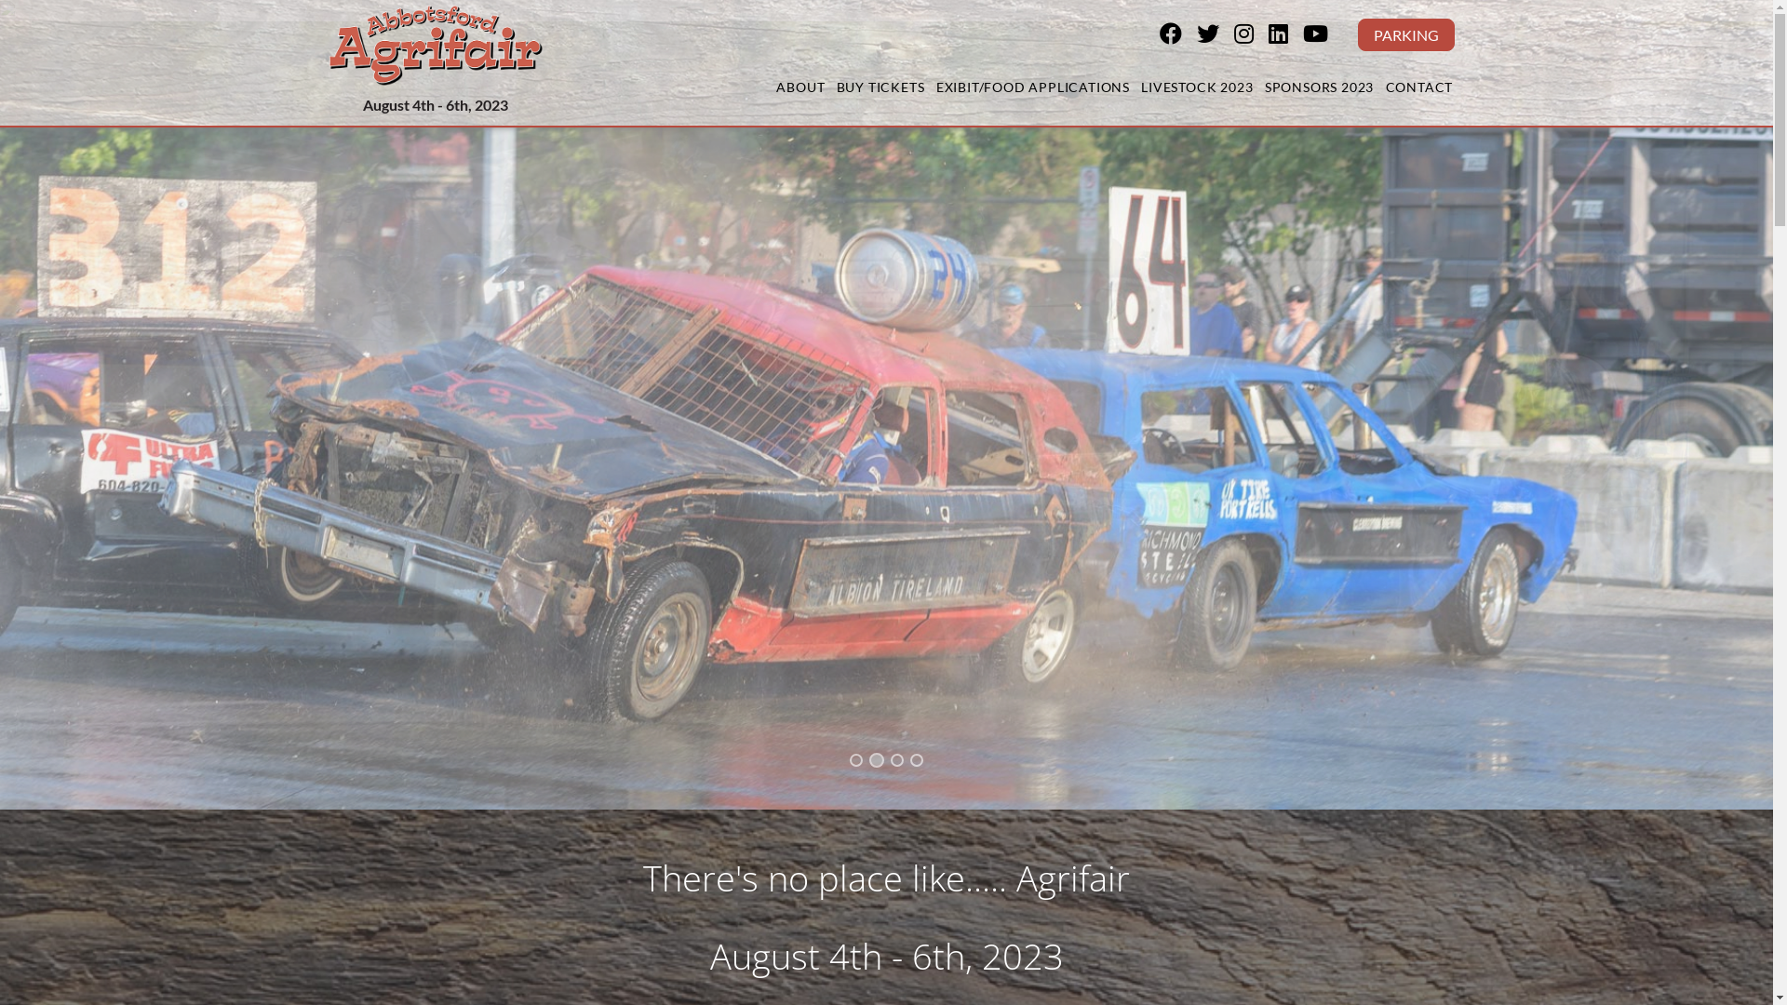 The width and height of the screenshot is (1787, 1005). Describe the element at coordinates (775, 88) in the screenshot. I see `'ABOUT'` at that location.